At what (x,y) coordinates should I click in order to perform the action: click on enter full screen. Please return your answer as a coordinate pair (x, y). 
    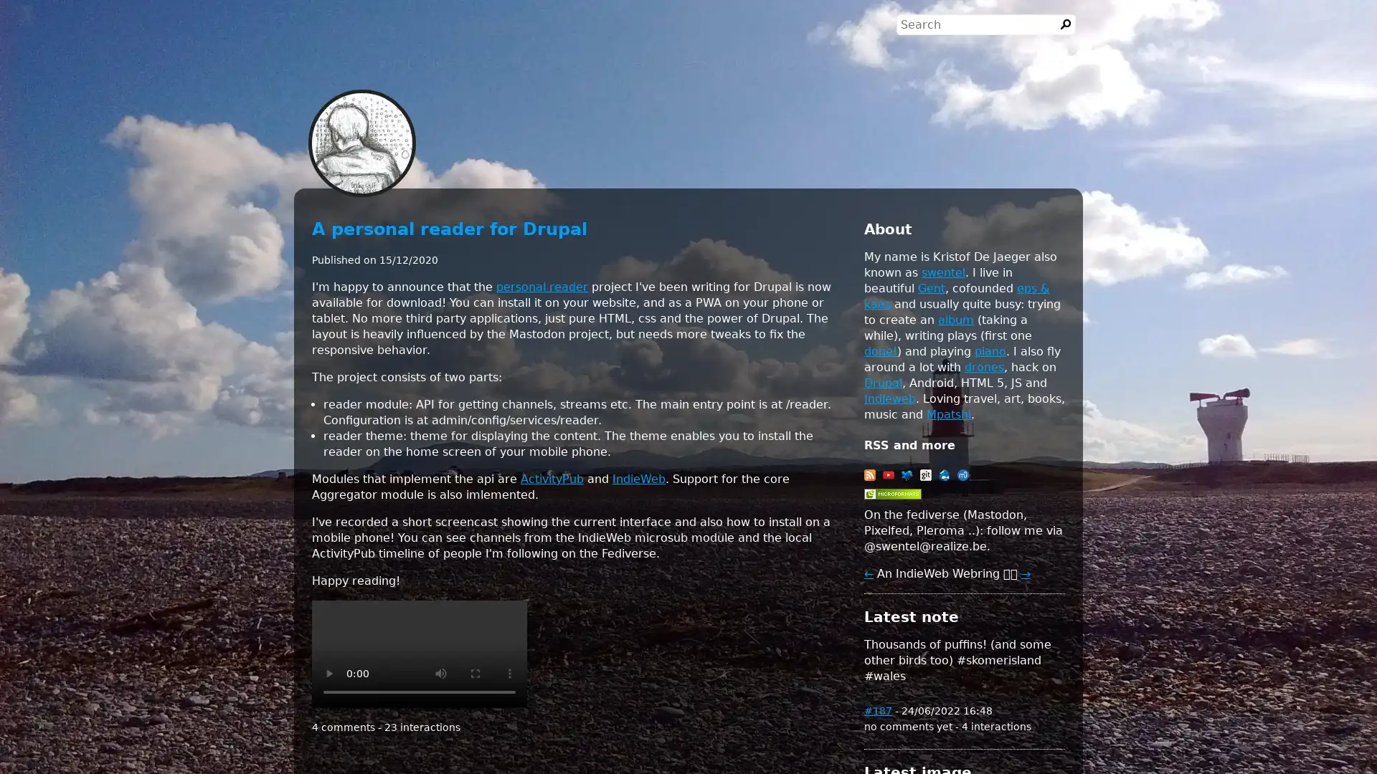
    Looking at the image, I should click on (475, 672).